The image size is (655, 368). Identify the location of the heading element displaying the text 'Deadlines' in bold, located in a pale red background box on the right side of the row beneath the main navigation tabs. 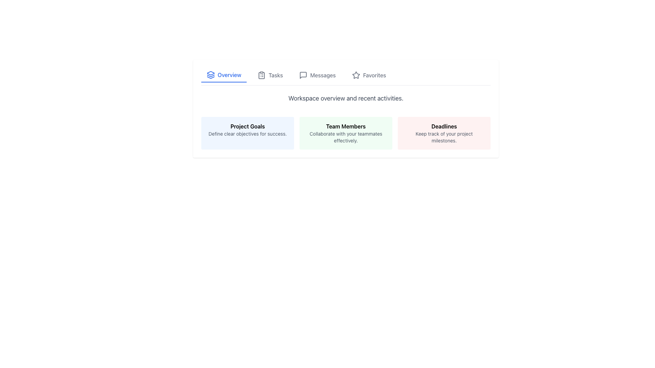
(444, 126).